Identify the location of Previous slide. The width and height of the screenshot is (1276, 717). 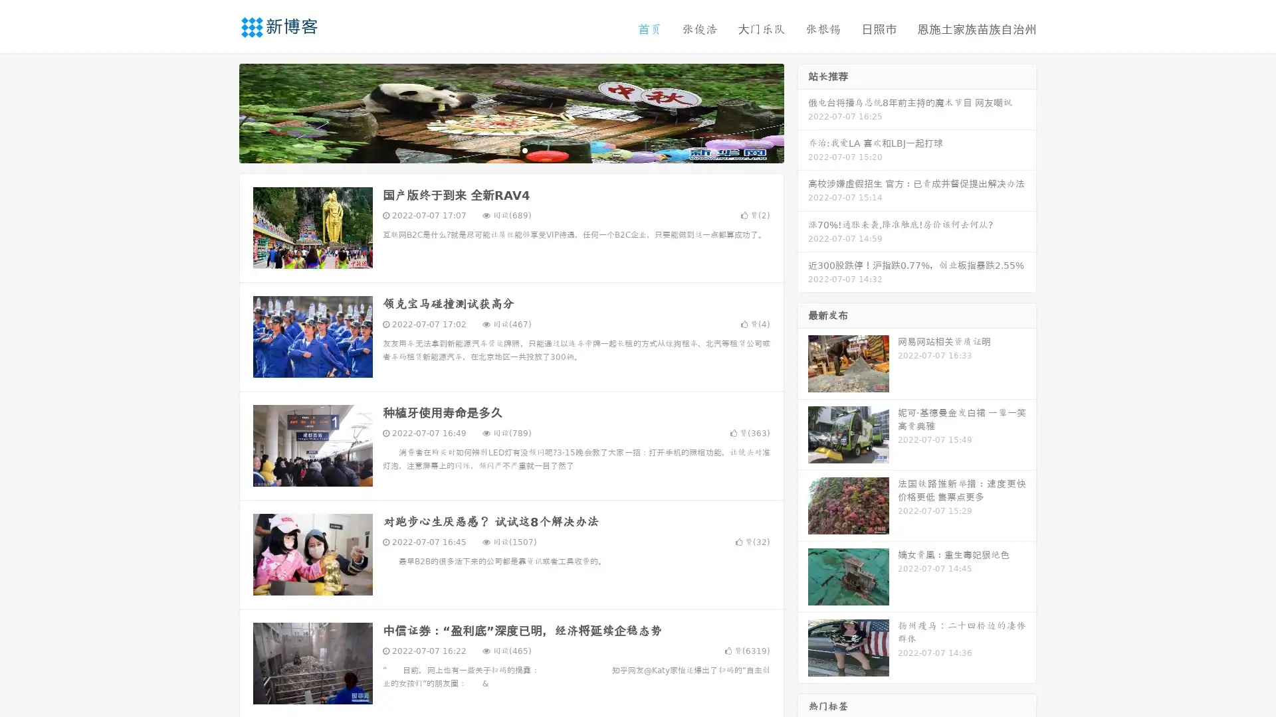
(219, 112).